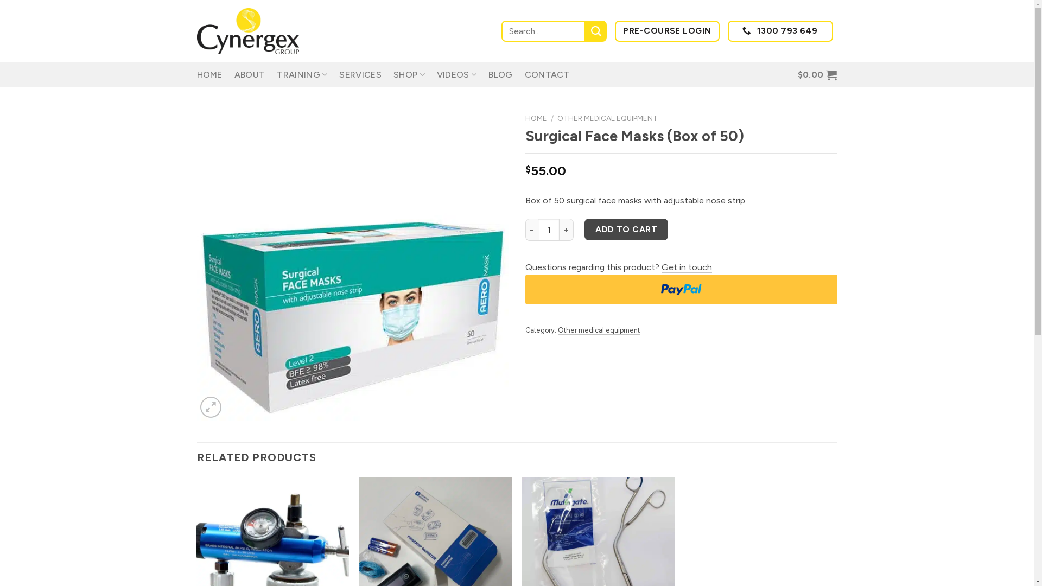 The image size is (1042, 586). What do you see at coordinates (666, 30) in the screenshot?
I see `'PRE-COURSE LOGIN'` at bounding box center [666, 30].